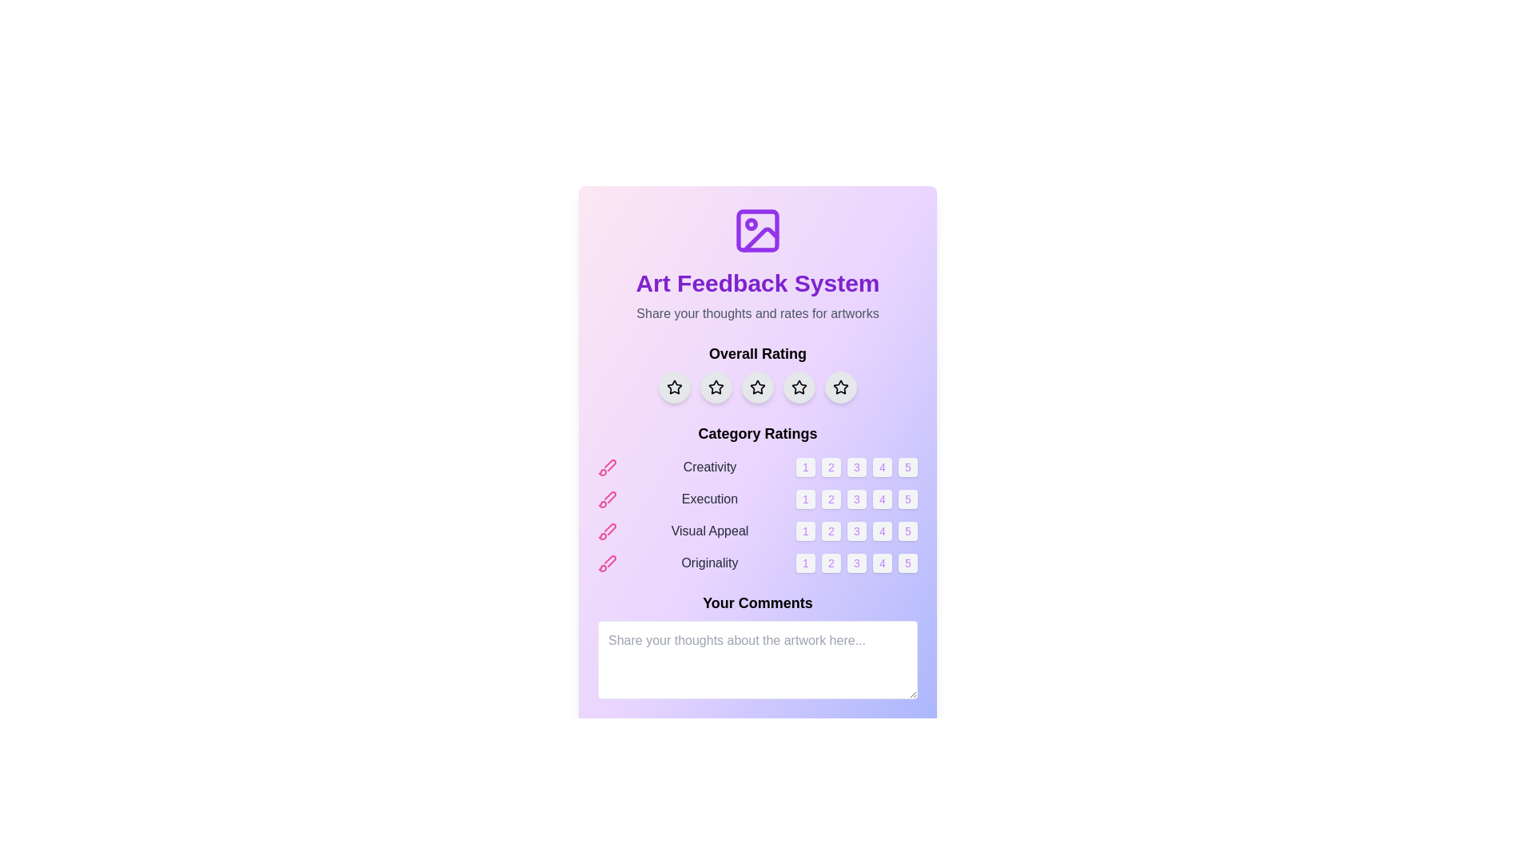  I want to click on the interactive button labeled '3' in the 'Execution' category under 'Category Ratings', so click(855, 498).